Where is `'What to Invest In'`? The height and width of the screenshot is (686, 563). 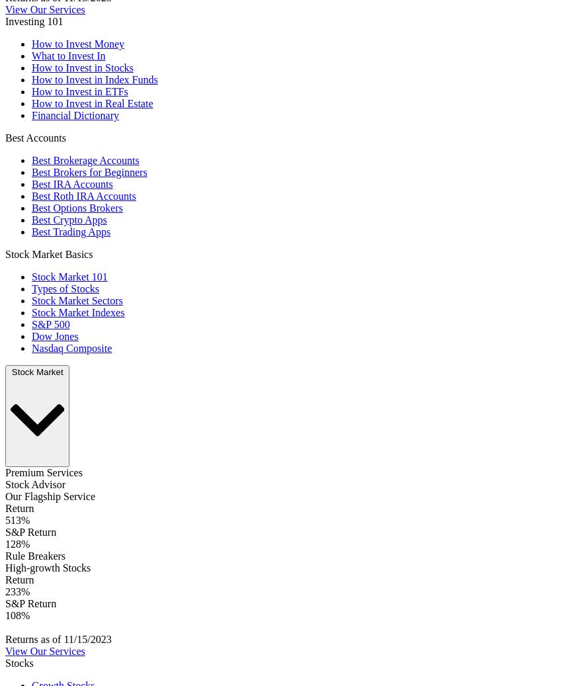
'What to Invest In' is located at coordinates (31, 55).